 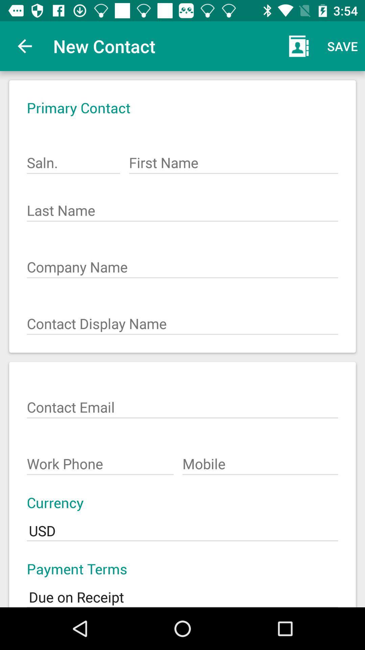 I want to click on the item at the bottom left corner, so click(x=100, y=460).